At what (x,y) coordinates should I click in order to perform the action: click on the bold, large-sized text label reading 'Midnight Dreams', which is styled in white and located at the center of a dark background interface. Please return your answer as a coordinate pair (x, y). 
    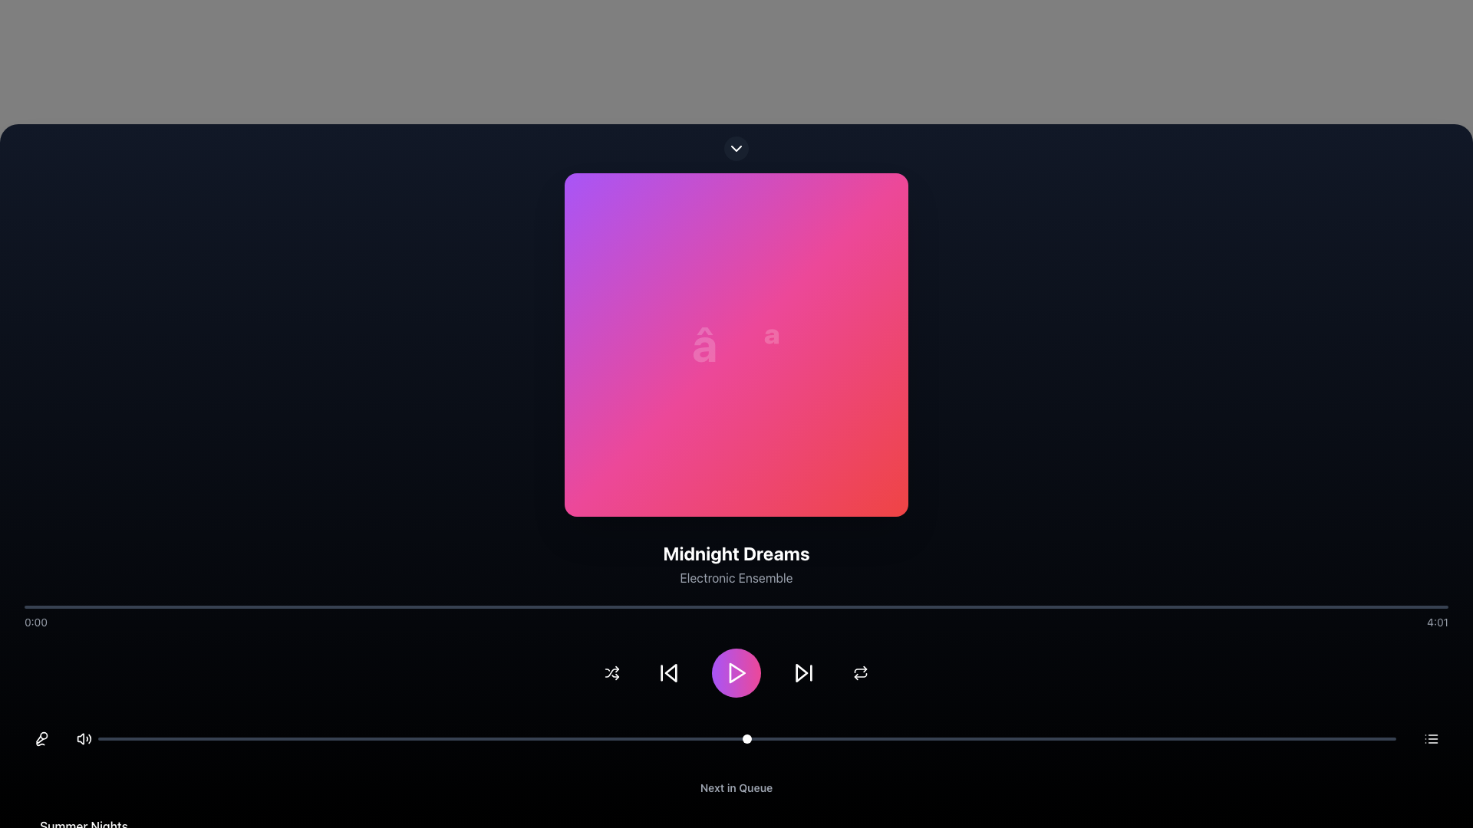
    Looking at the image, I should click on (736, 553).